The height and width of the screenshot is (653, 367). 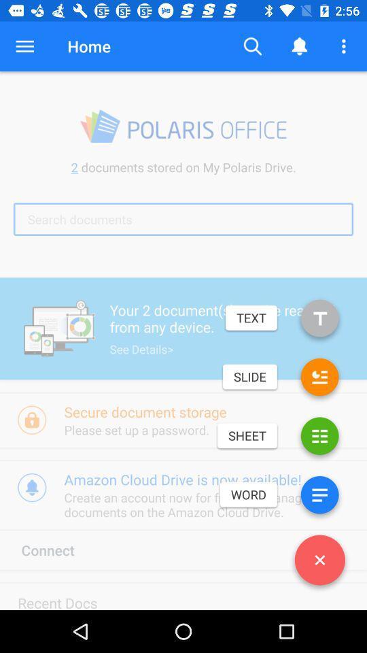 What do you see at coordinates (319, 497) in the screenshot?
I see `word file option` at bounding box center [319, 497].